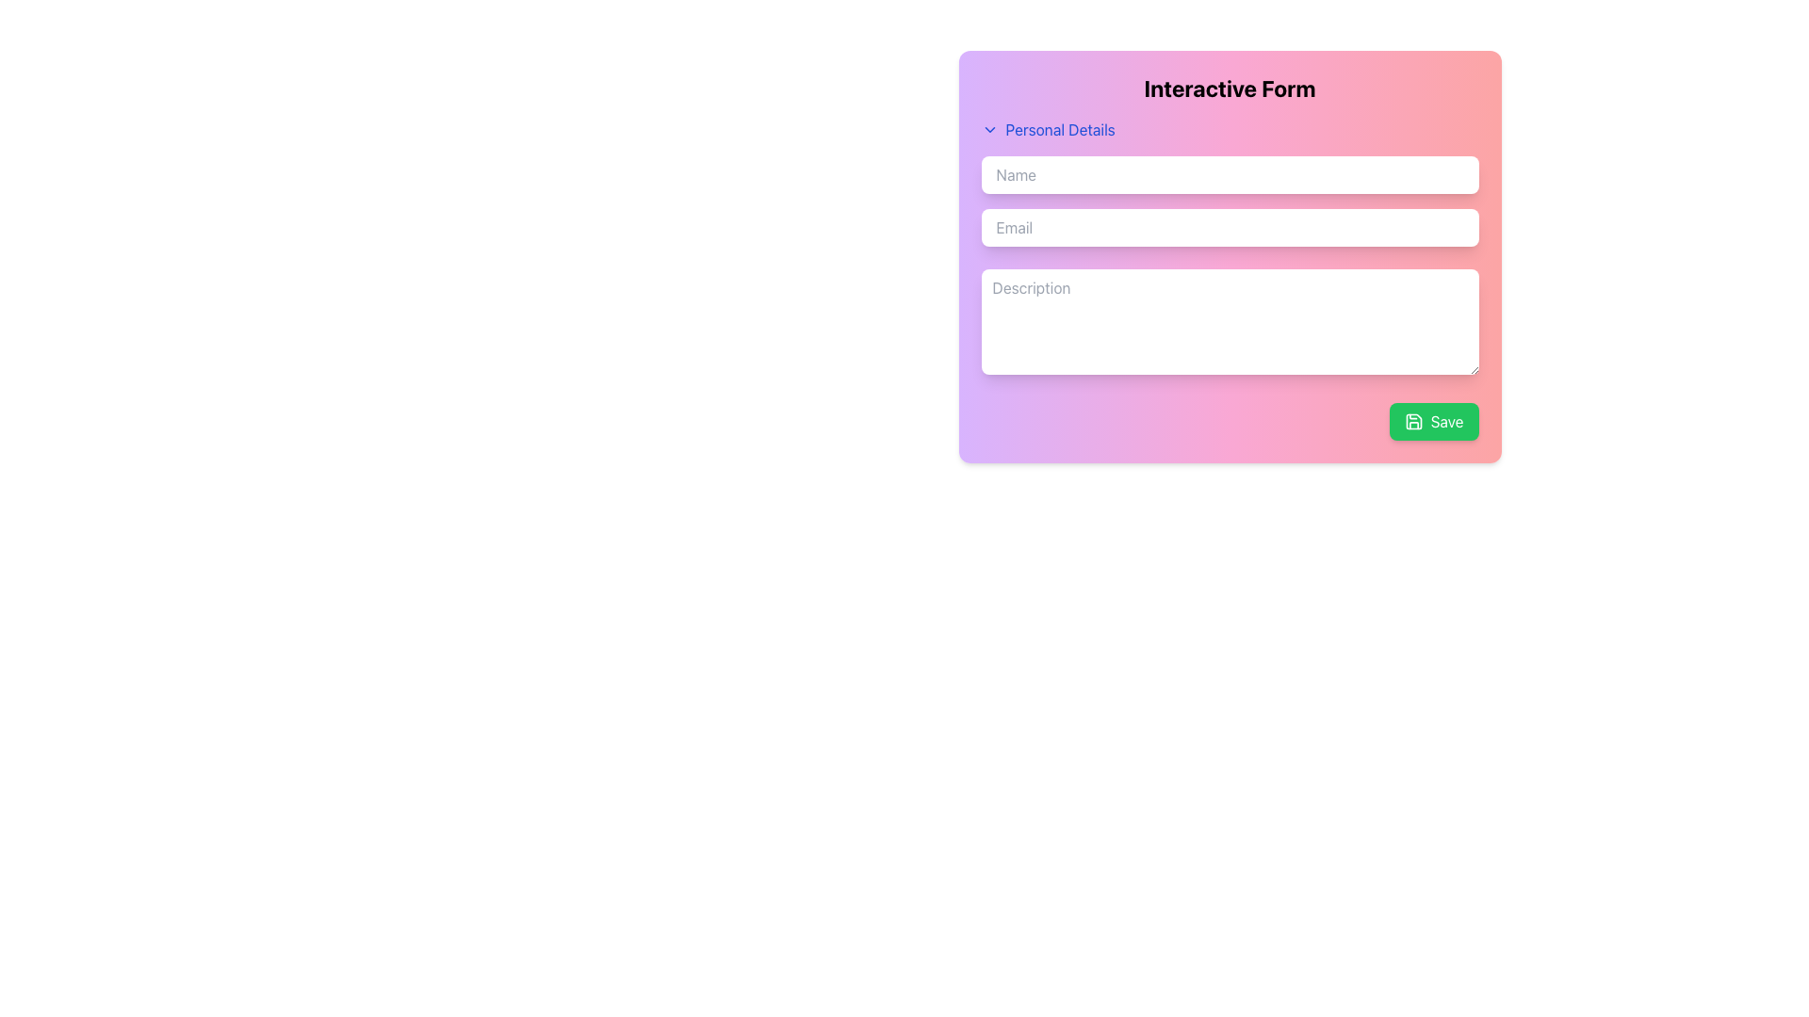  Describe the element at coordinates (1432, 420) in the screenshot. I see `the save/submit button located in the bottom-right corner of the card-like form interface` at that location.